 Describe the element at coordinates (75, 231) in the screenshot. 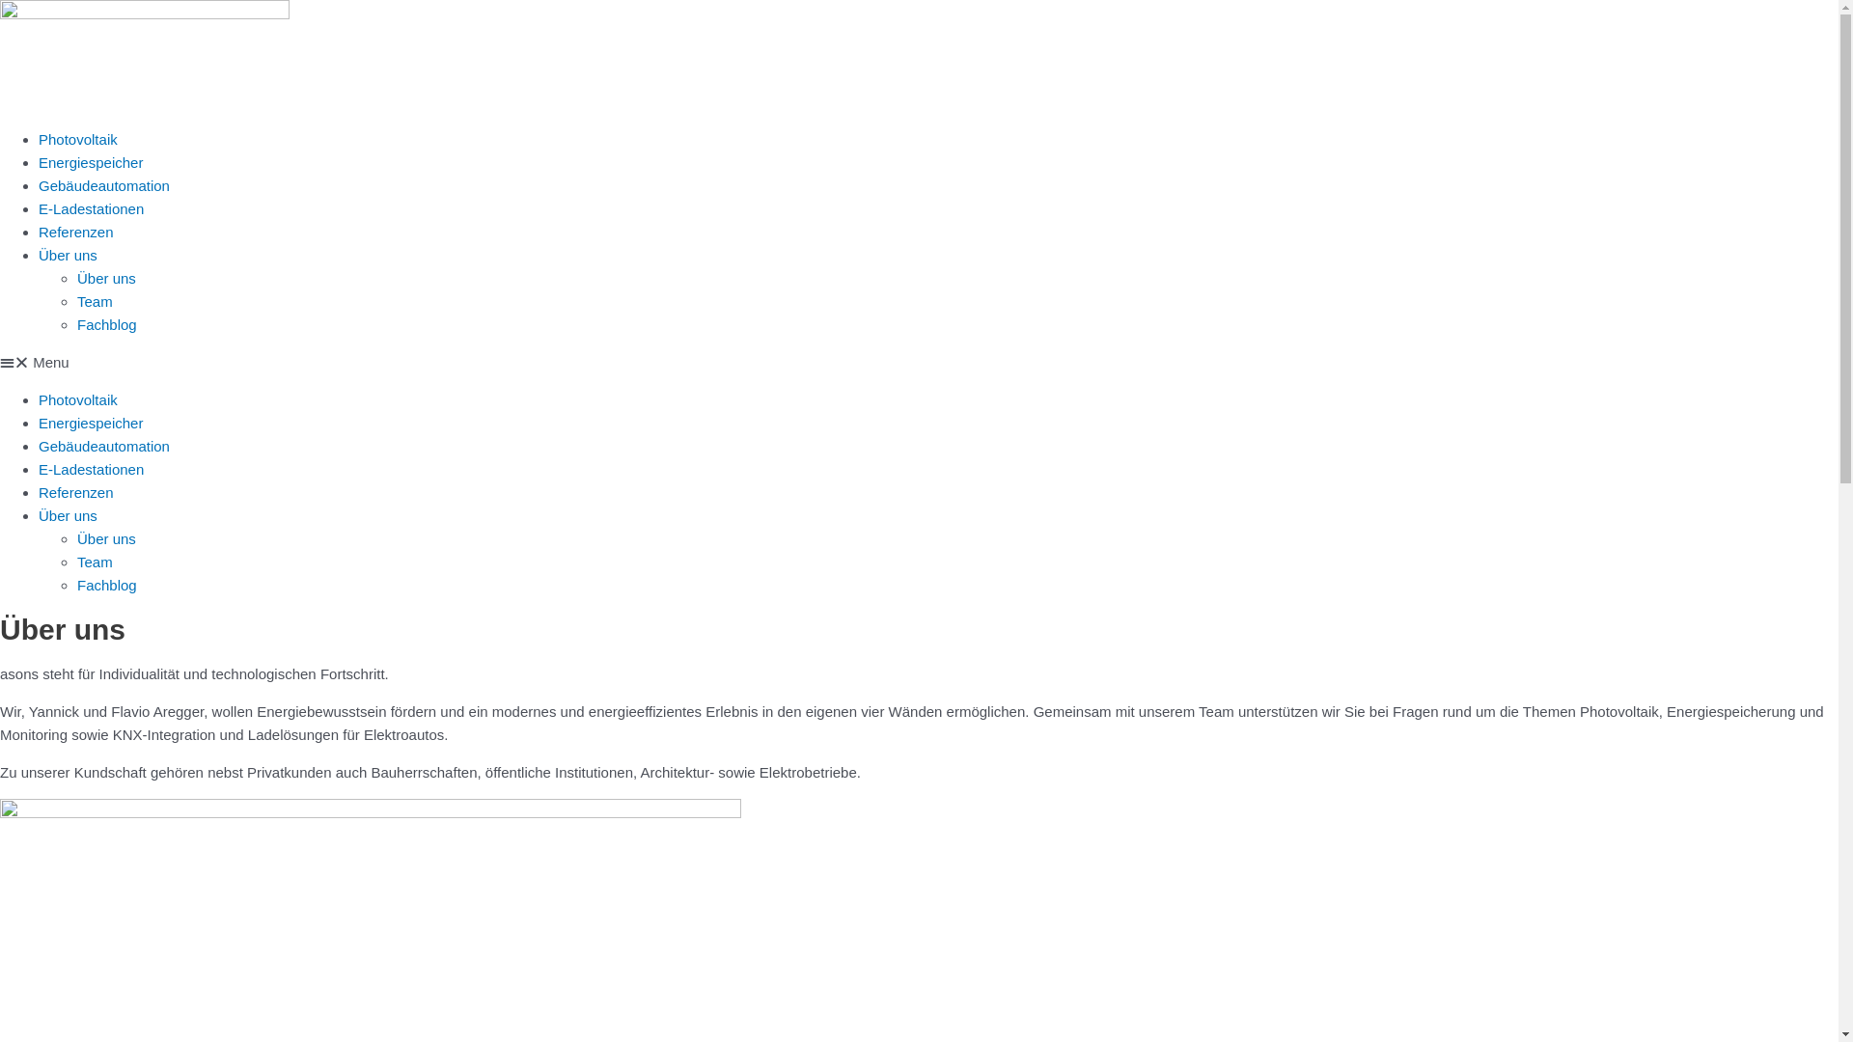

I see `'Referenzen'` at that location.